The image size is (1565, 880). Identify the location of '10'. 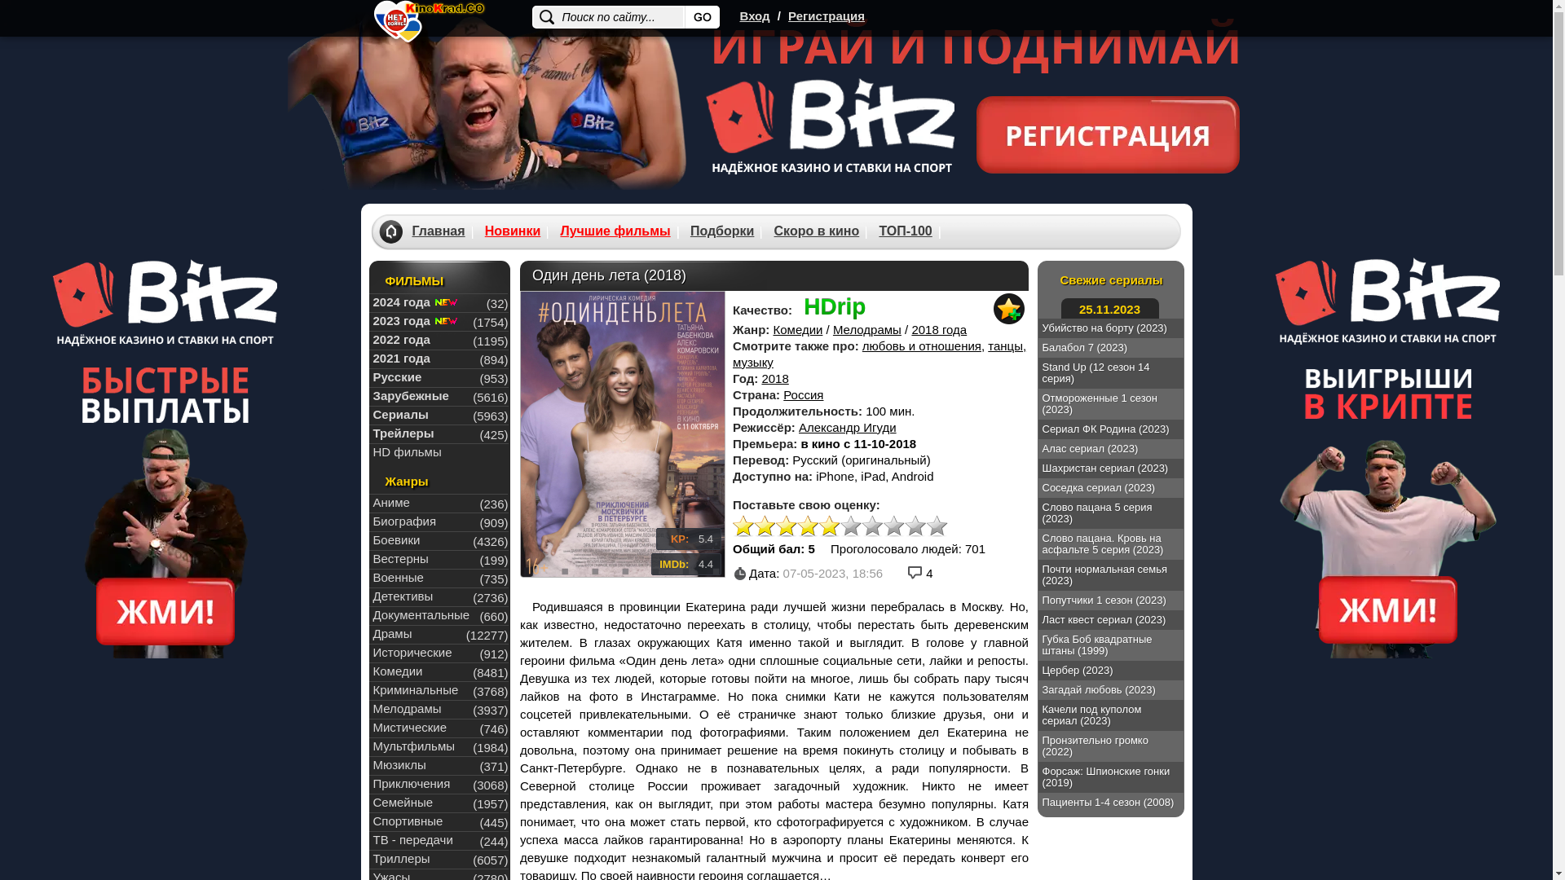
(937, 526).